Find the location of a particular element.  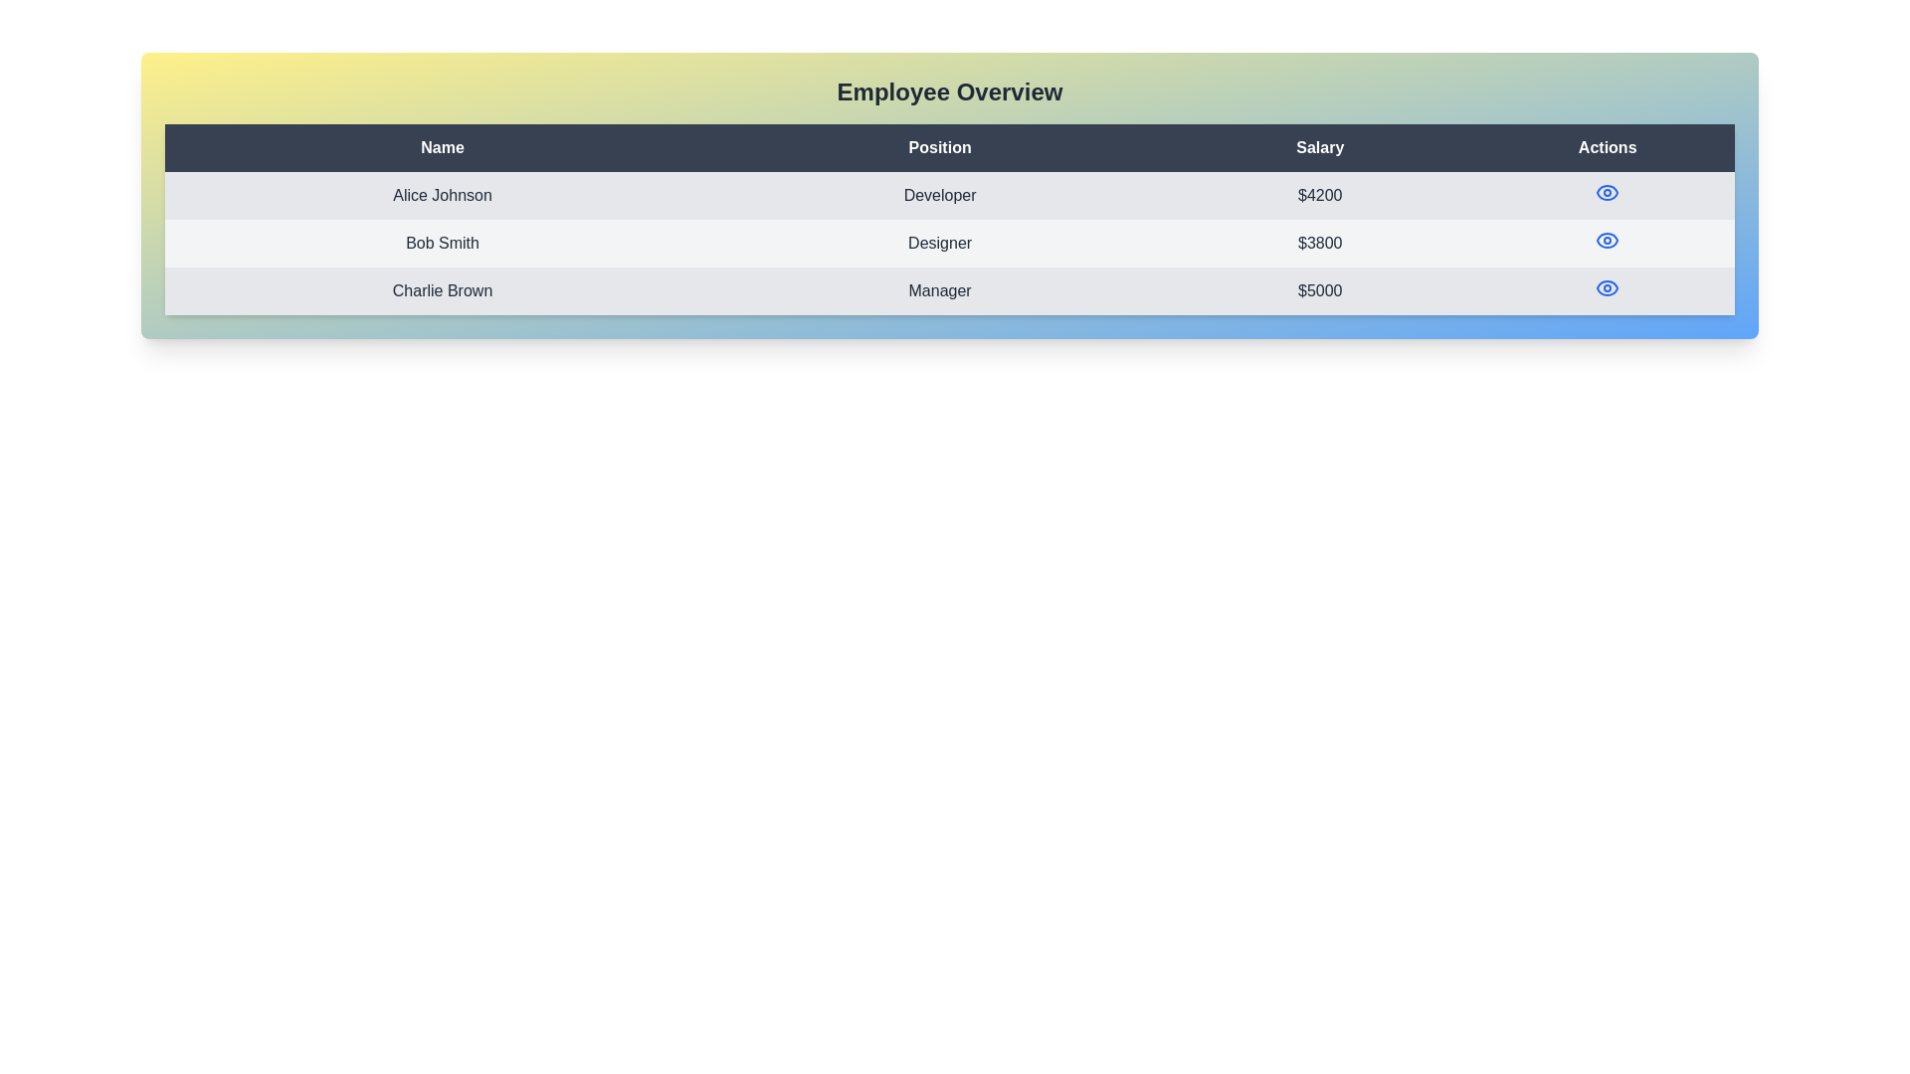

the static text label displaying the salary '$3800' in the 'Salary' column of the table is located at coordinates (1320, 243).